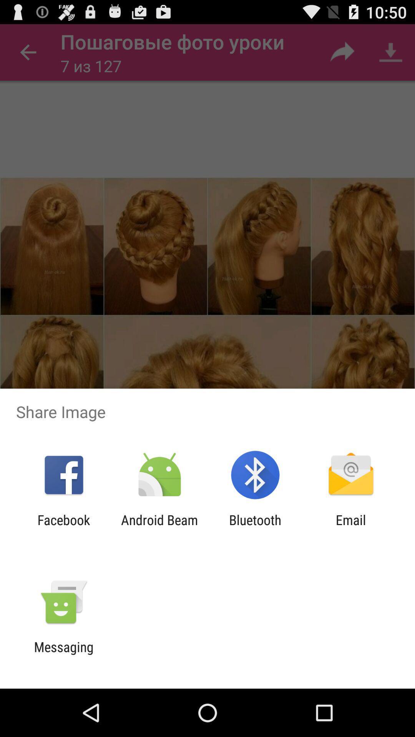 Image resolution: width=415 pixels, height=737 pixels. What do you see at coordinates (351, 527) in the screenshot?
I see `email item` at bounding box center [351, 527].